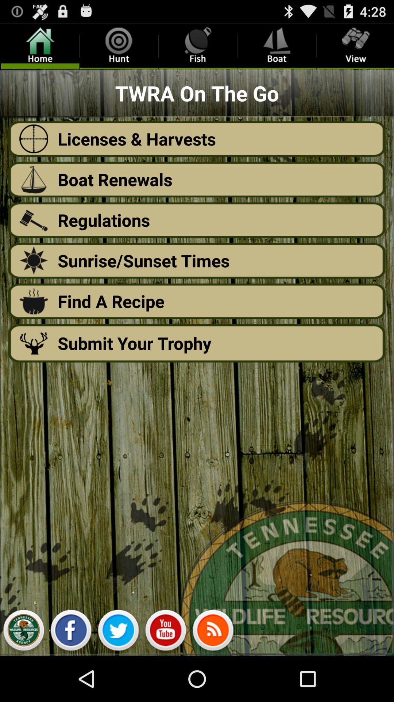 This screenshot has height=702, width=394. Describe the element at coordinates (23, 632) in the screenshot. I see `the app below submit your trophy app` at that location.